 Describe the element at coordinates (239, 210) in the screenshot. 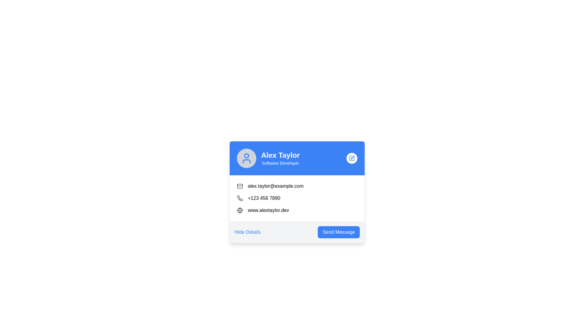

I see `the globe-shaped icon displayed in a minimalist outline style, located to the left of the text 'www.alextaylor.dev'` at that location.